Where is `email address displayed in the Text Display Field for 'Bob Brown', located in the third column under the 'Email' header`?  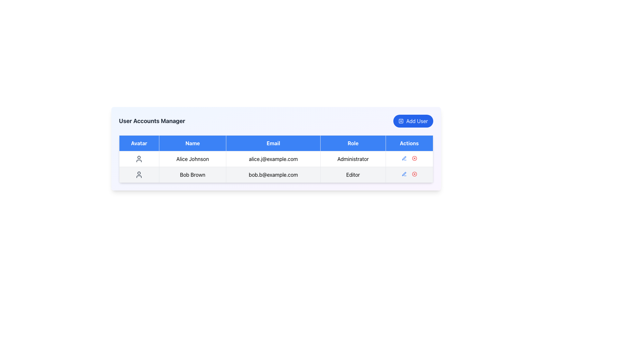 email address displayed in the Text Display Field for 'Bob Brown', located in the third column under the 'Email' header is located at coordinates (273, 174).